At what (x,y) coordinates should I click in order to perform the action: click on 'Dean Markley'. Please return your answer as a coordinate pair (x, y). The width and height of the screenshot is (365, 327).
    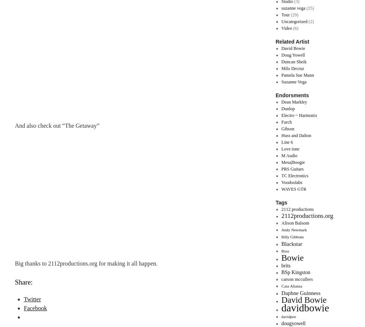
    Looking at the image, I should click on (281, 102).